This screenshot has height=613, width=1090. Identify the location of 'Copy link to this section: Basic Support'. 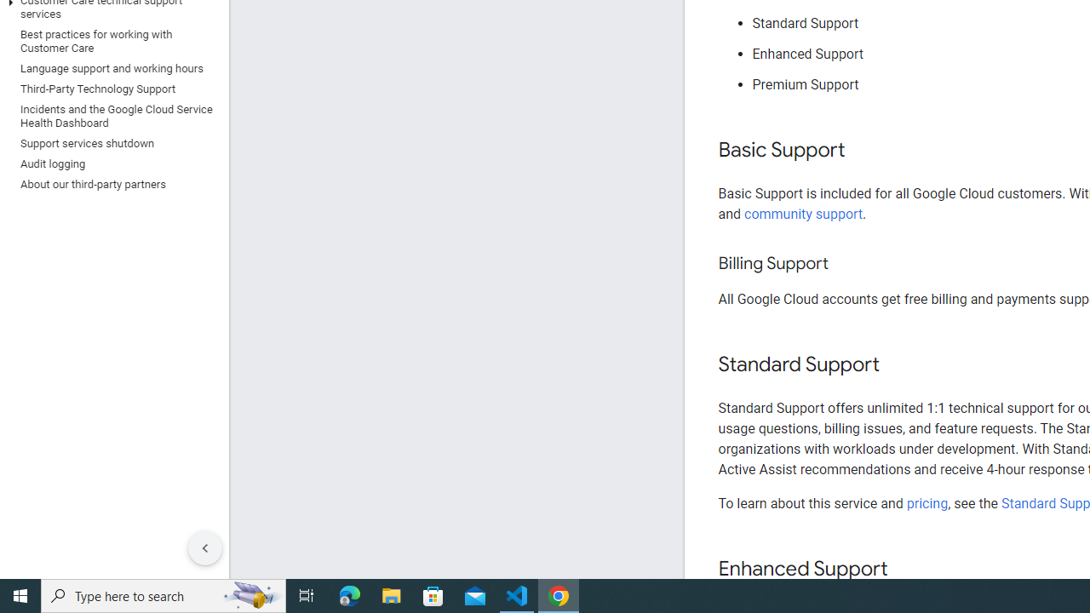
(862, 150).